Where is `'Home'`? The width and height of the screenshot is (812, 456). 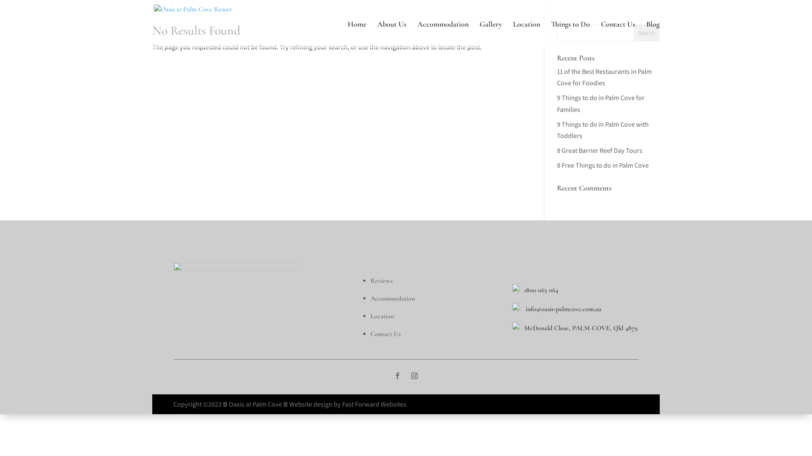
'Home' is located at coordinates (357, 34).